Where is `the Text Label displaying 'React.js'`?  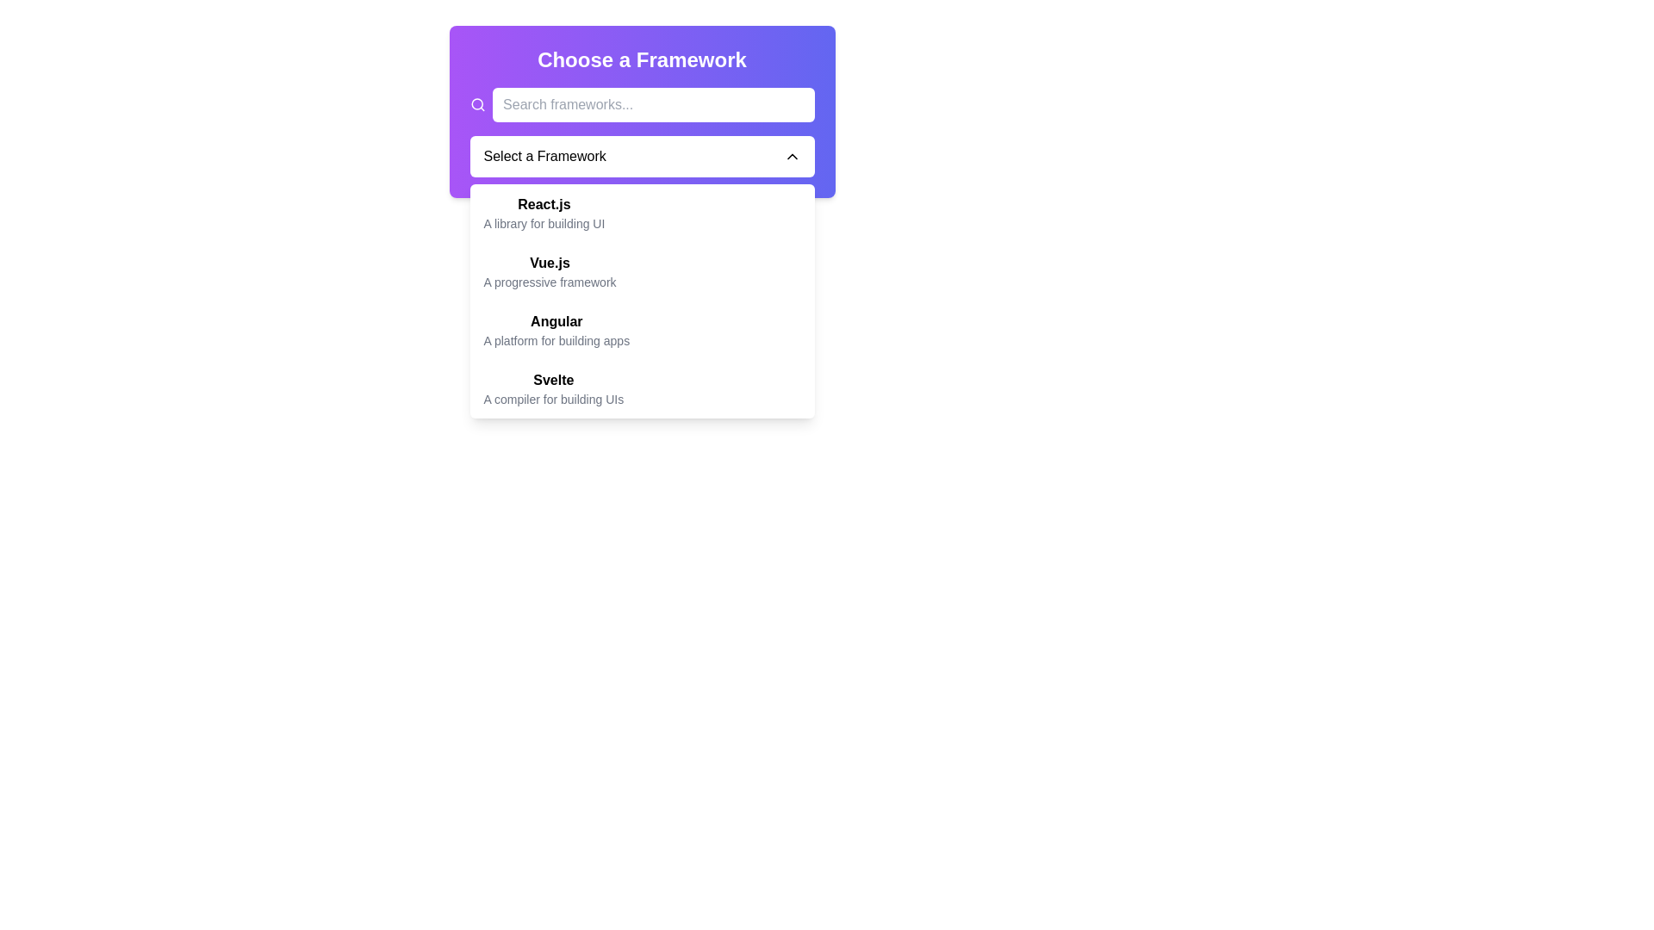 the Text Label displaying 'React.js' is located at coordinates (543, 203).